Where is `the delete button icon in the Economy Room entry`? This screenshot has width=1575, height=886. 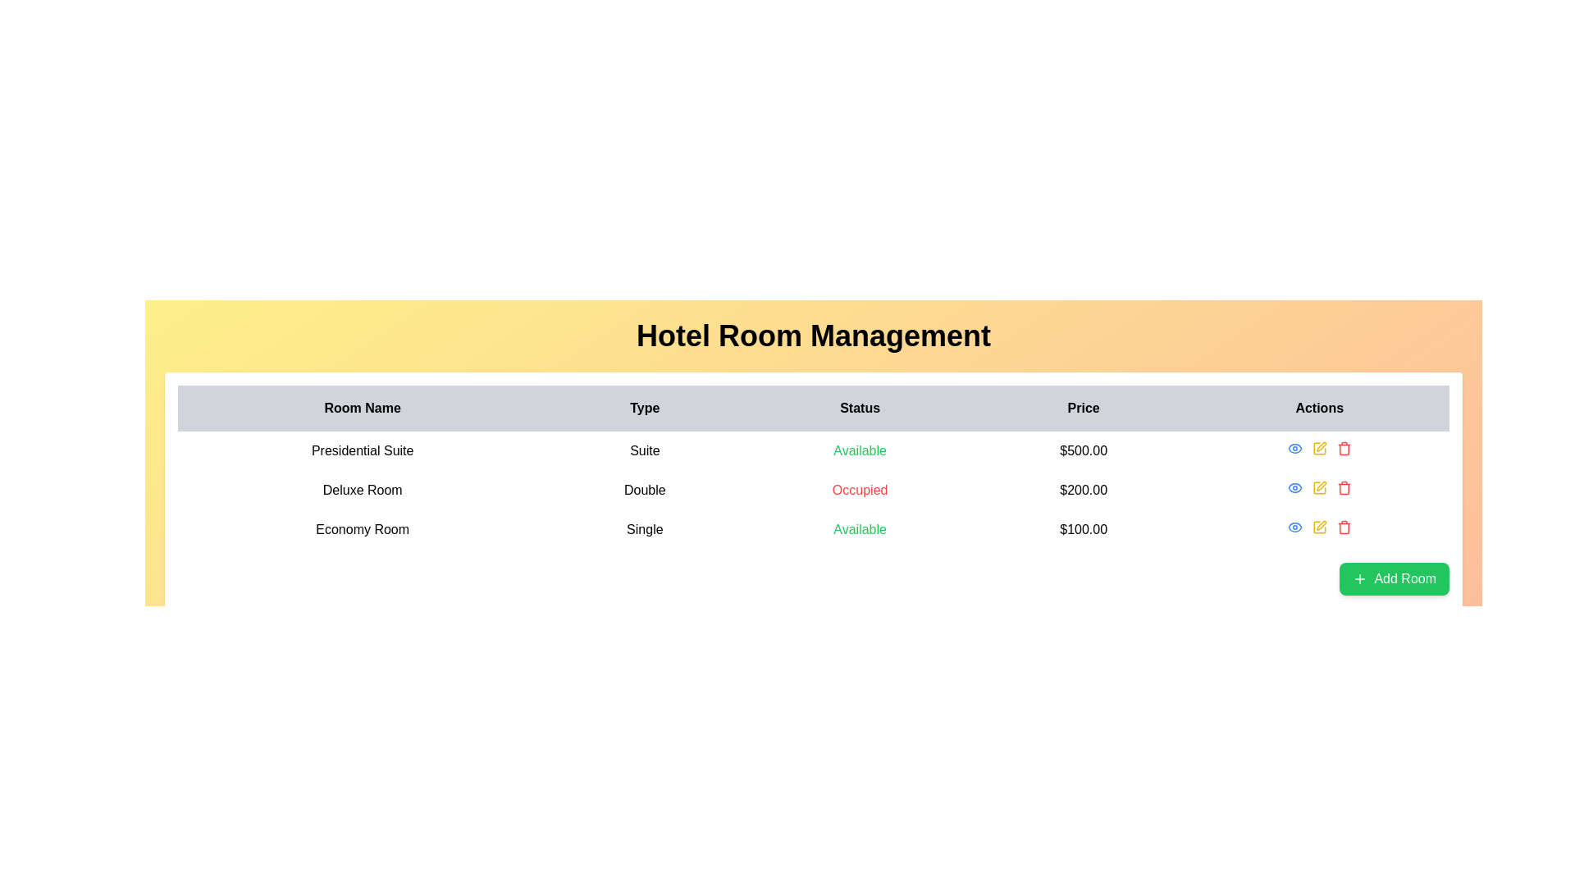 the delete button icon in the Economy Room entry is located at coordinates (1344, 527).